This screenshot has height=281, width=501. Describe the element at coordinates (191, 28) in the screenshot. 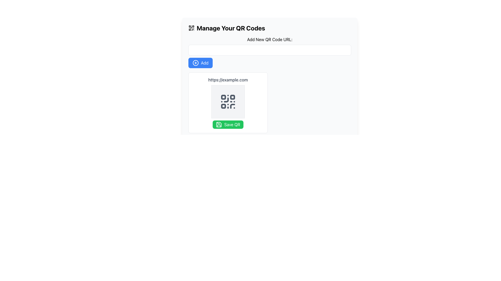

I see `the QR code icon that is styled with a minimalistic pattern and located at the top-left corner next to the 'Manage Your QR Codes' heading` at that location.